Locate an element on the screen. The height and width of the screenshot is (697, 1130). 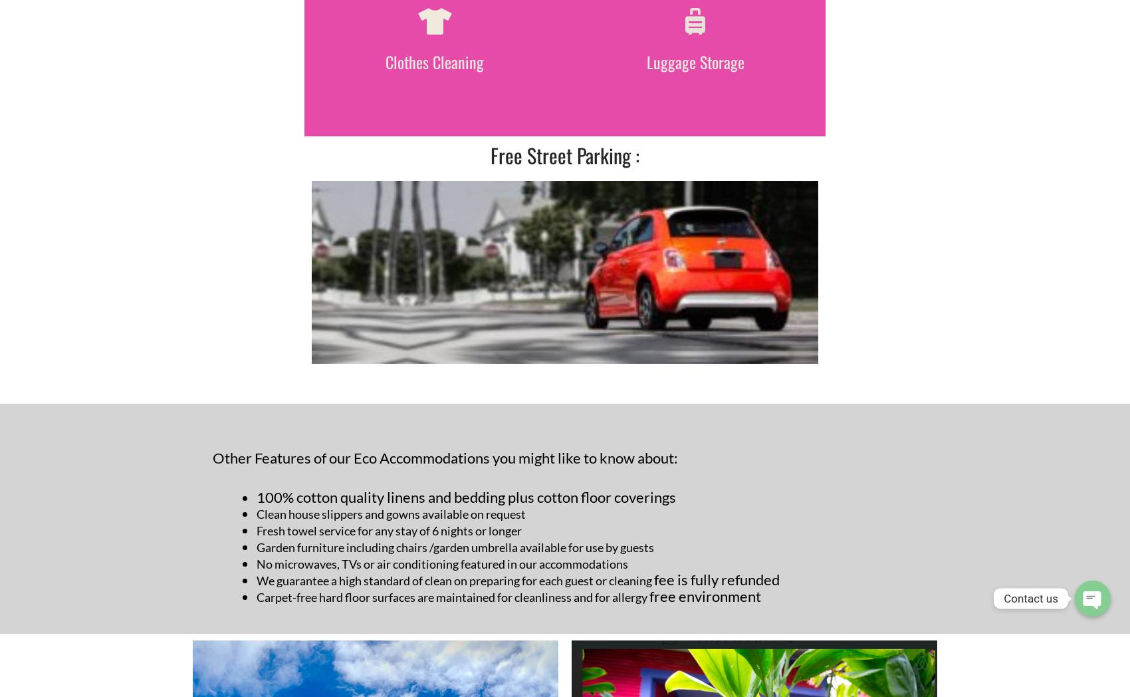
'free environment' is located at coordinates (704, 595).